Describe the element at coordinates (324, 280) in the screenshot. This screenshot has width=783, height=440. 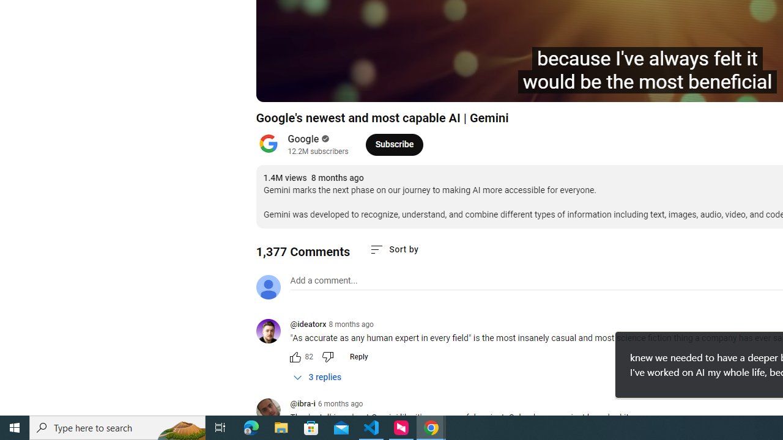
I see `'AutomationID: simplebox-placeholder'` at that location.